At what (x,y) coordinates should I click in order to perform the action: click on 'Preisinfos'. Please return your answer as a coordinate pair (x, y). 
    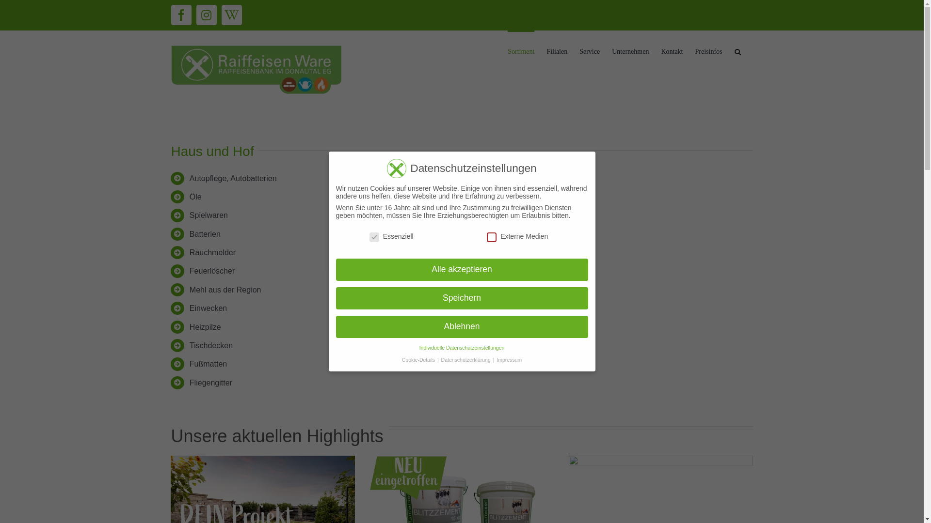
    Looking at the image, I should click on (709, 50).